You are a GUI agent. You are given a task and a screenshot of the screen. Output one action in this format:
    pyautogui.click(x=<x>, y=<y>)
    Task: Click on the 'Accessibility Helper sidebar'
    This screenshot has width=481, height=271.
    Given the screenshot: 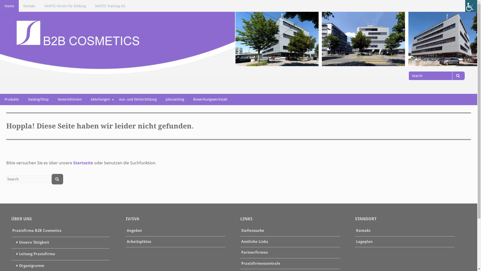 What is the action you would take?
    pyautogui.click(x=471, y=6)
    